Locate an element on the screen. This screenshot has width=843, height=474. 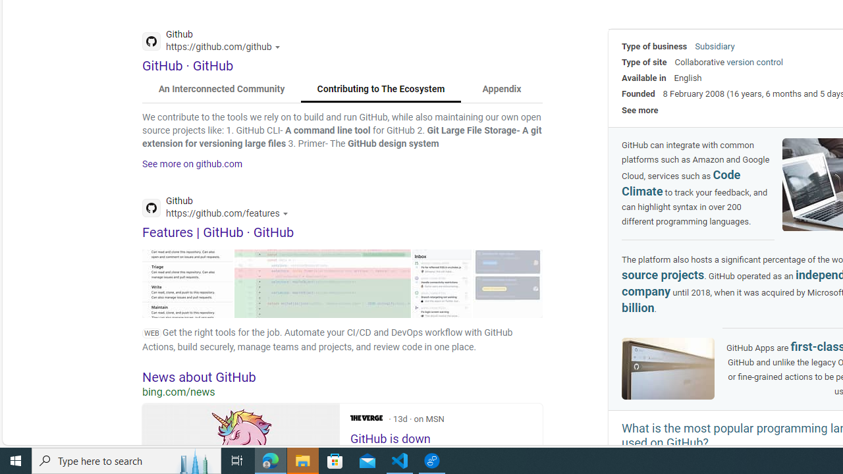
'Image of GitHub' is located at coordinates (668, 368).